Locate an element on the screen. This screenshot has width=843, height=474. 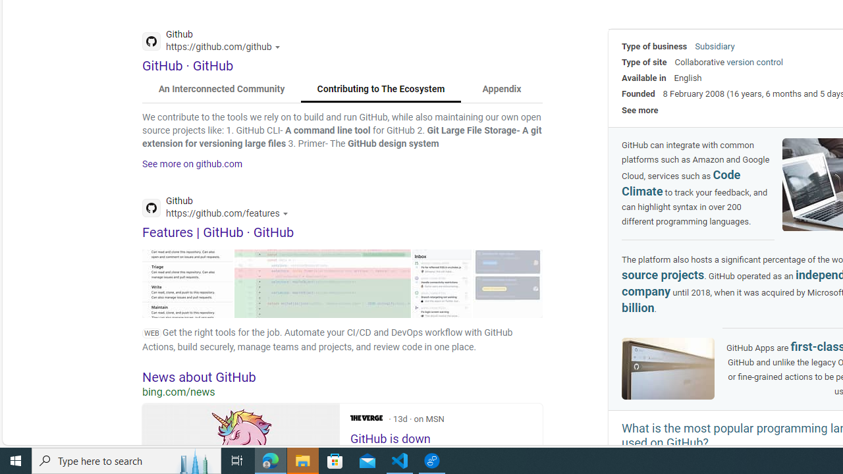
'Image of GitHub' is located at coordinates (668, 368).